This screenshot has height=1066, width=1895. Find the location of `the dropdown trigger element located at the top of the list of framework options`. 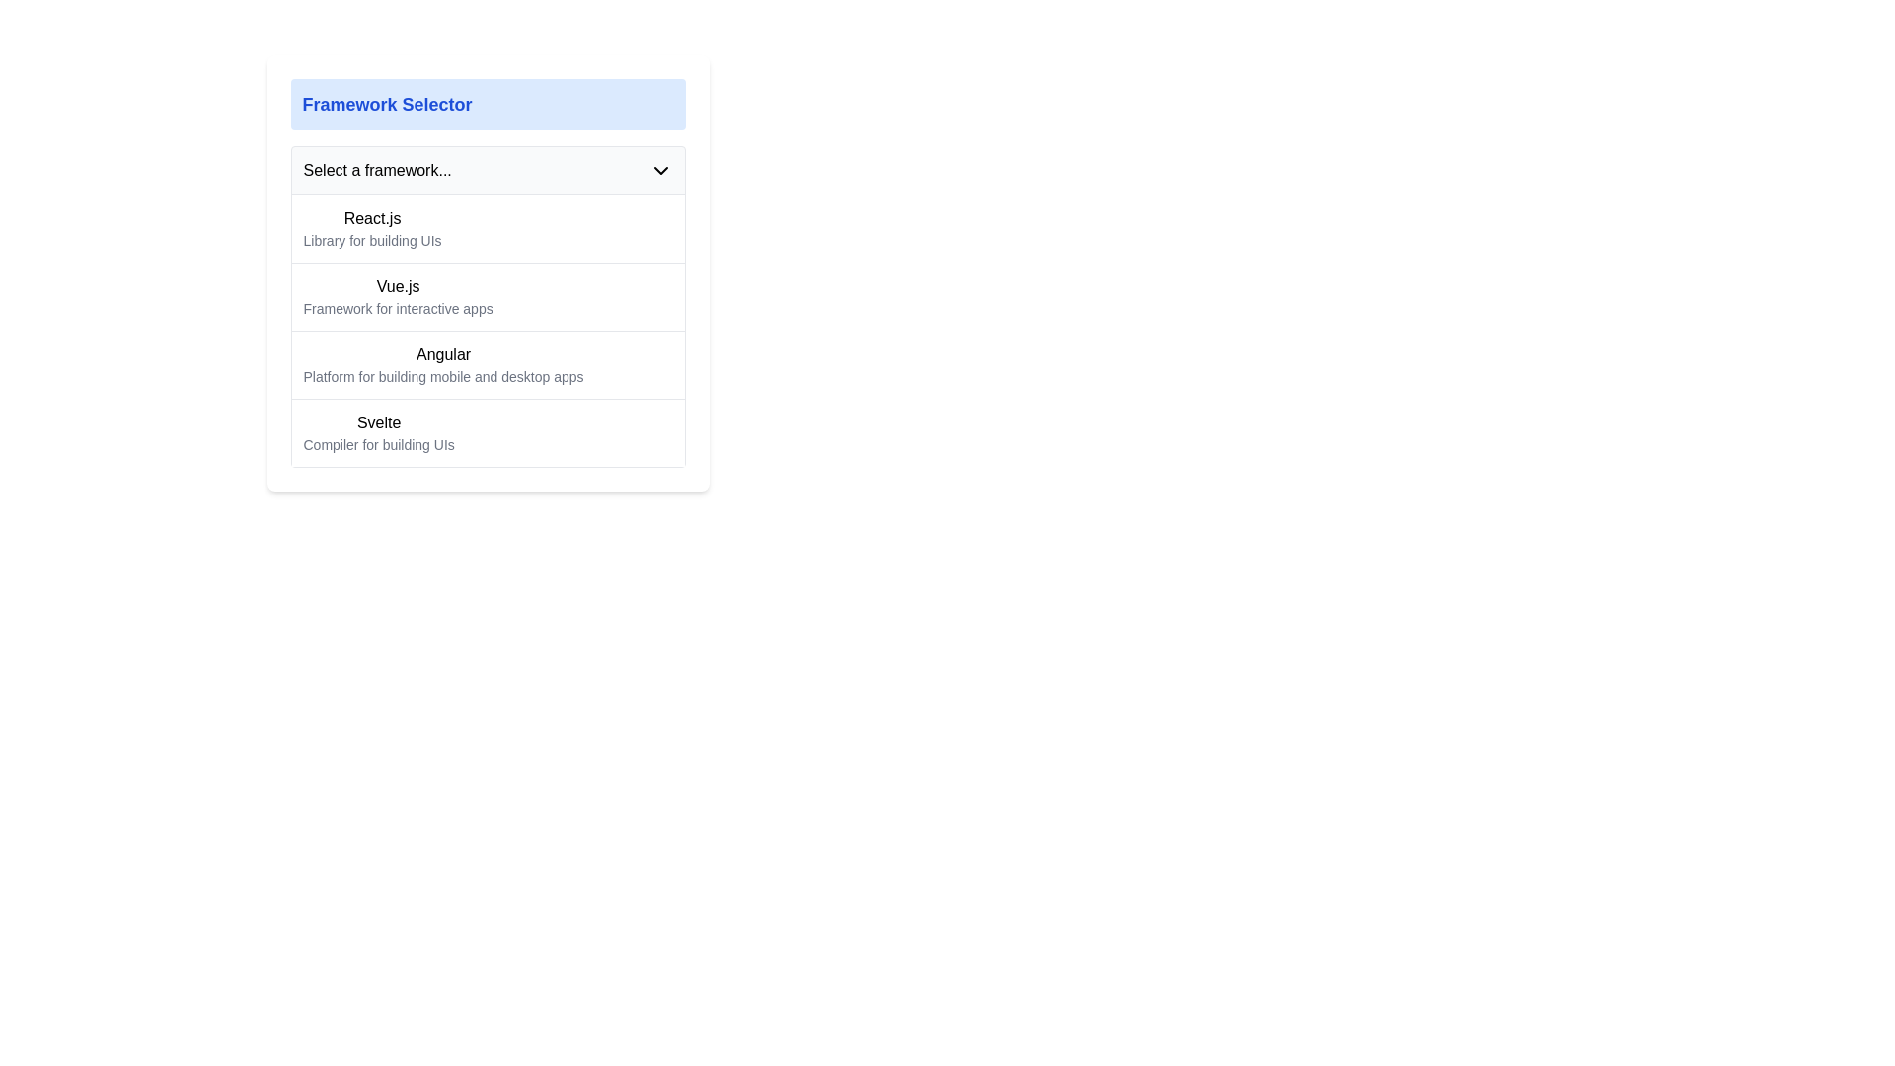

the dropdown trigger element located at the top of the list of framework options is located at coordinates (488, 170).